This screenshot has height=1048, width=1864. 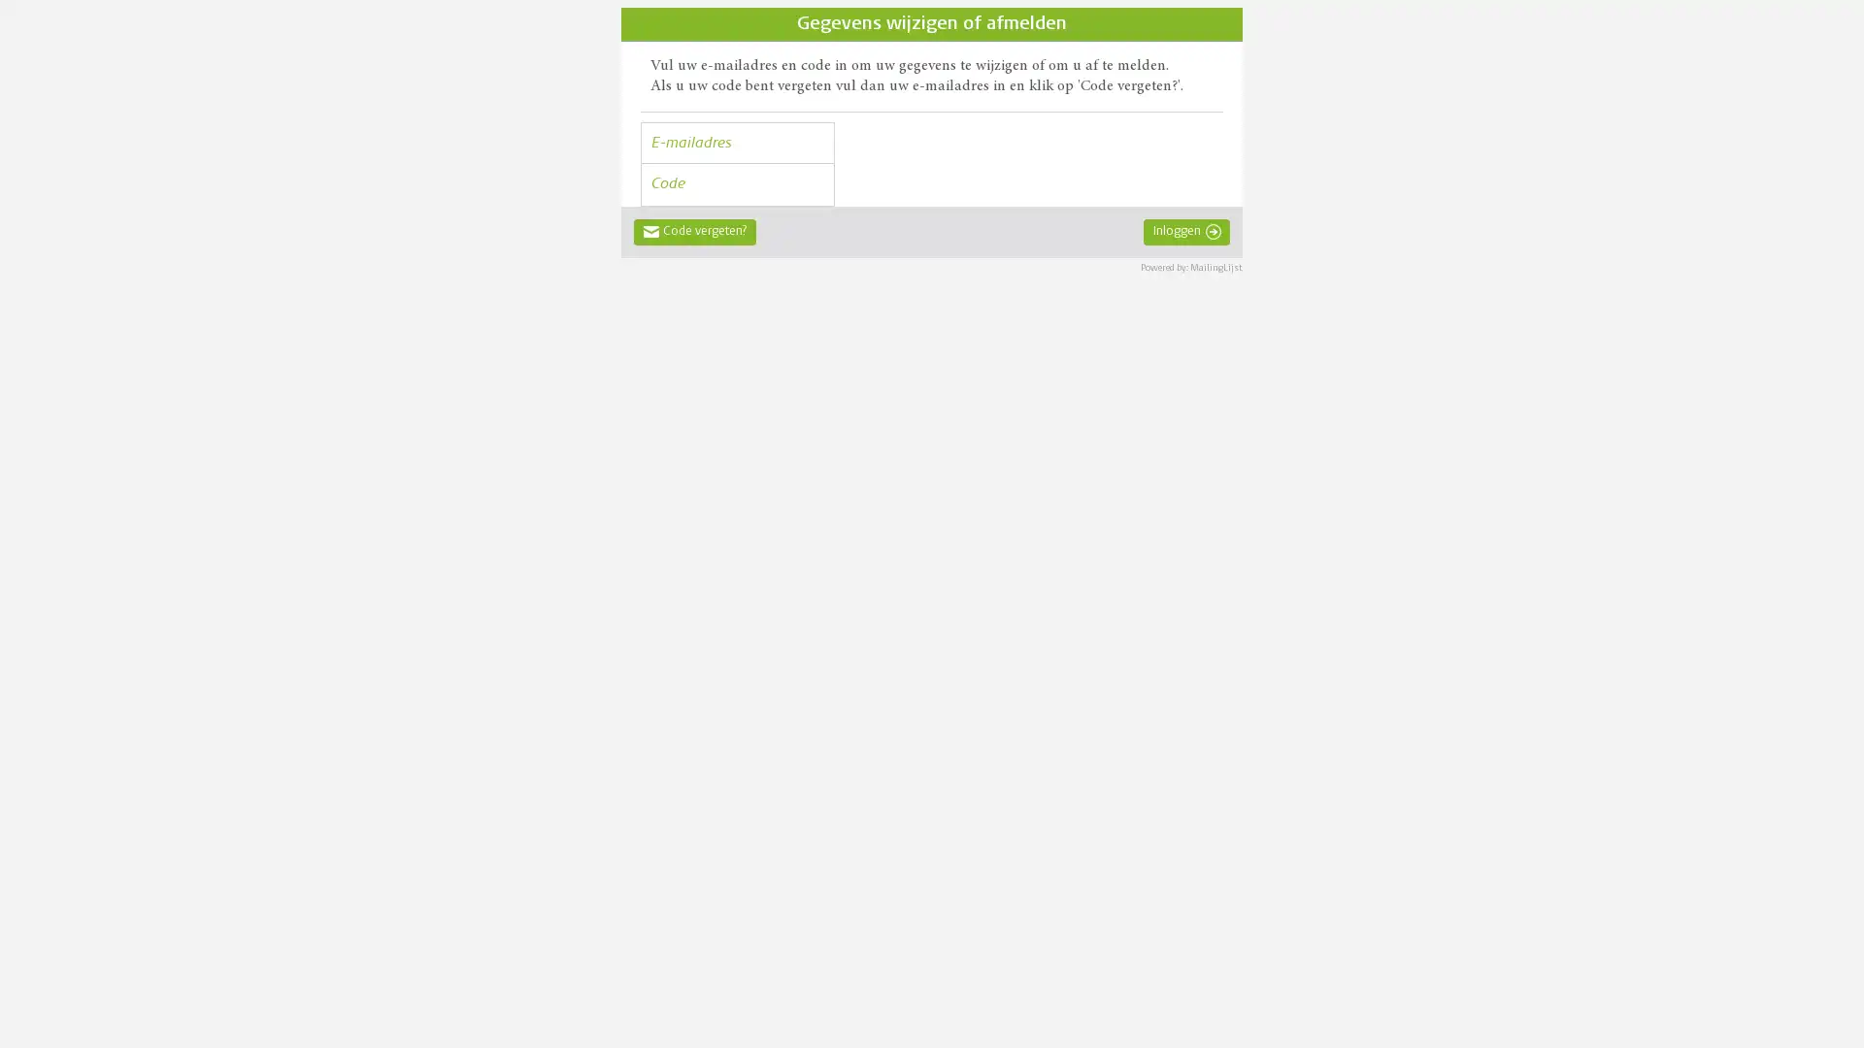 I want to click on Inloggen, so click(x=1185, y=231).